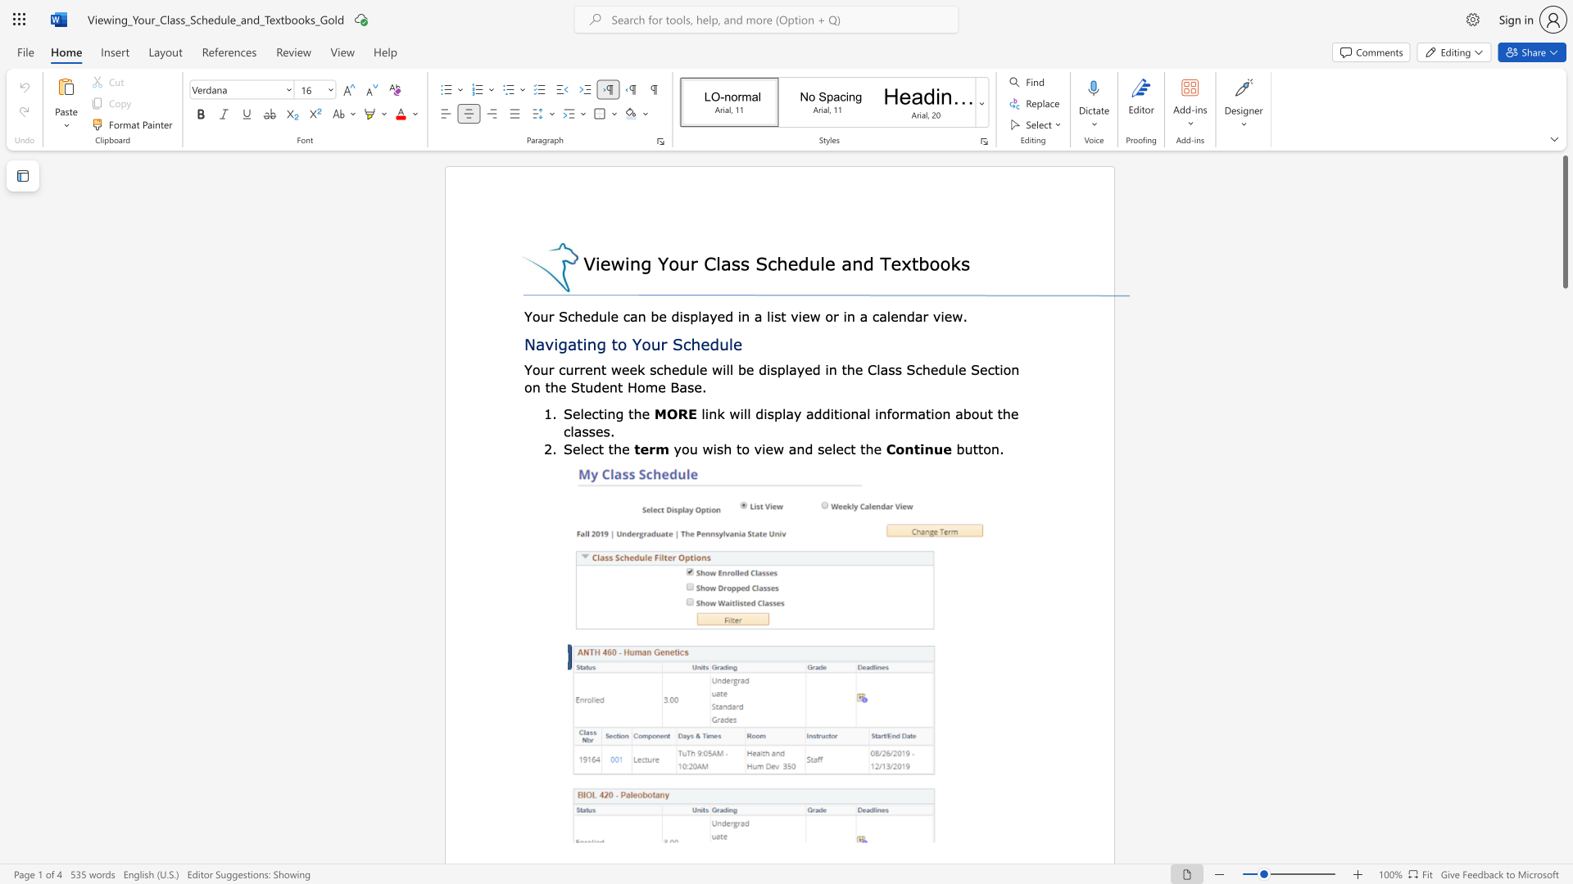 The width and height of the screenshot is (1573, 884). What do you see at coordinates (1564, 760) in the screenshot?
I see `the scrollbar to move the page downward` at bounding box center [1564, 760].